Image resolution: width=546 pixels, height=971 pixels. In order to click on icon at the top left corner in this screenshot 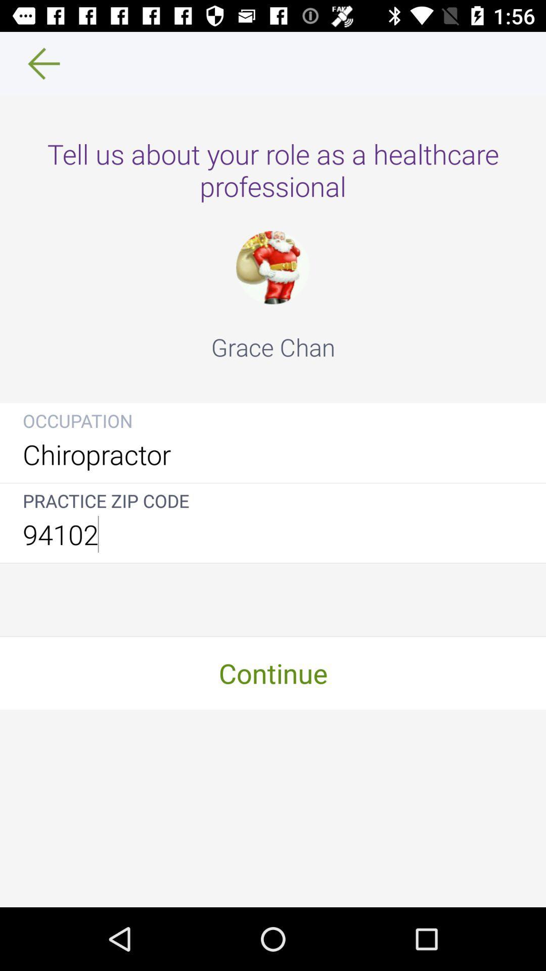, I will do `click(36, 63)`.